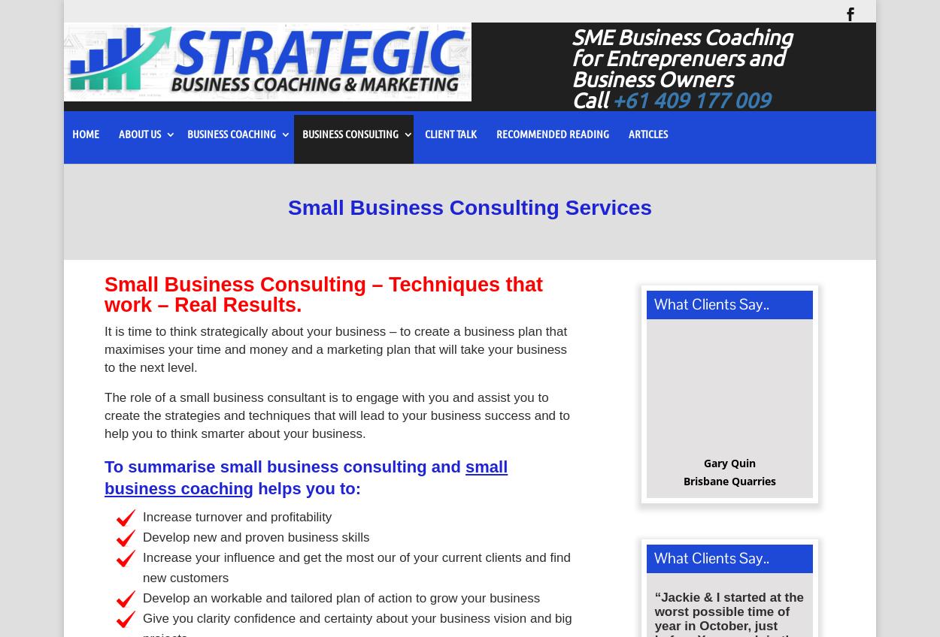 Image resolution: width=940 pixels, height=637 pixels. I want to click on 'Develop an workable and tailored plan of action to grow your business', so click(341, 602).